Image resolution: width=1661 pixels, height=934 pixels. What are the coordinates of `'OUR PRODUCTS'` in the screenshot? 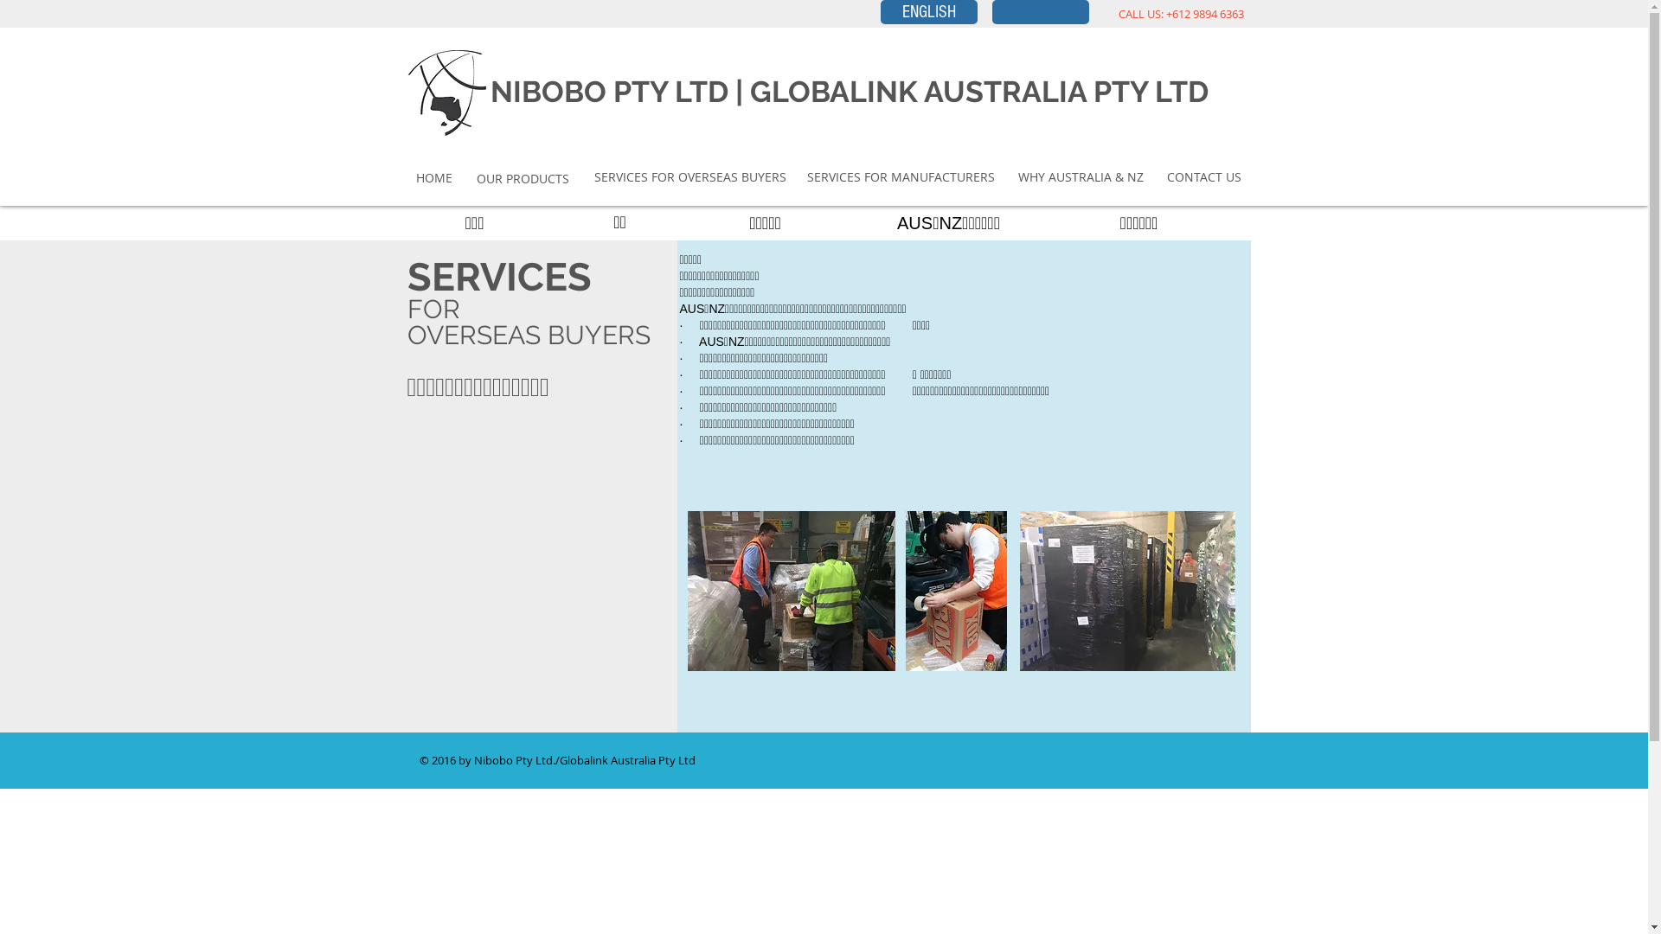 It's located at (522, 179).